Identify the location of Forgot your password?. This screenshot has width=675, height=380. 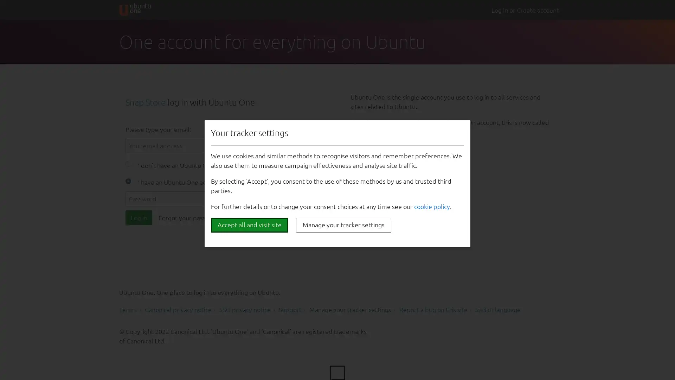
(191, 217).